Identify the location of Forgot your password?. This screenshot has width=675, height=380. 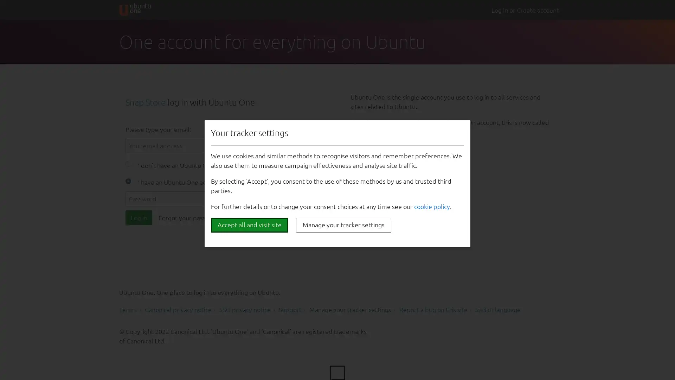
(191, 217).